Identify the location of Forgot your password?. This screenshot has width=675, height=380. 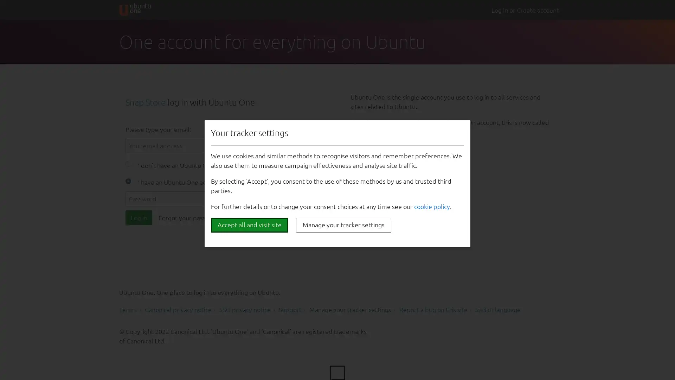
(191, 217).